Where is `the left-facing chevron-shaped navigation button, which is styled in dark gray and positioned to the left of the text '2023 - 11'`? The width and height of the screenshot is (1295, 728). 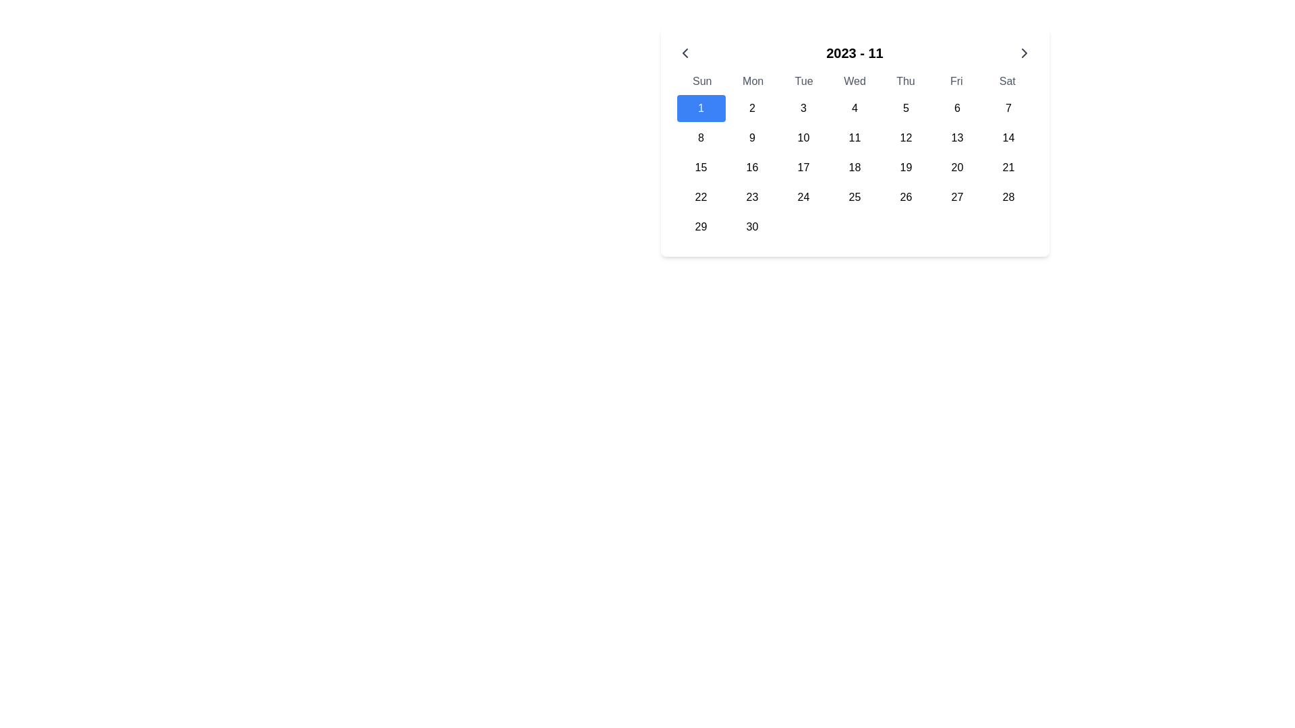 the left-facing chevron-shaped navigation button, which is styled in dark gray and positioned to the left of the text '2023 - 11' is located at coordinates (685, 52).